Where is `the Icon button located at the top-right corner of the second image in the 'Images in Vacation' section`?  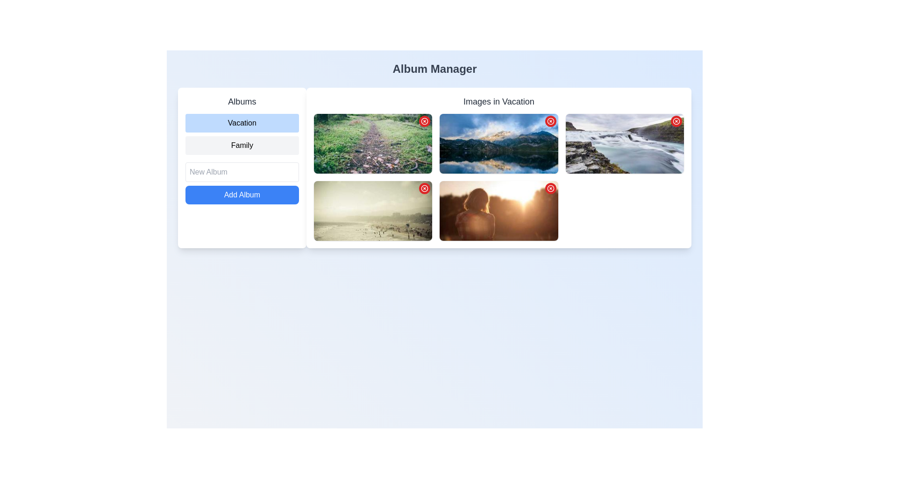
the Icon button located at the top-right corner of the second image in the 'Images in Vacation' section is located at coordinates (550, 120).